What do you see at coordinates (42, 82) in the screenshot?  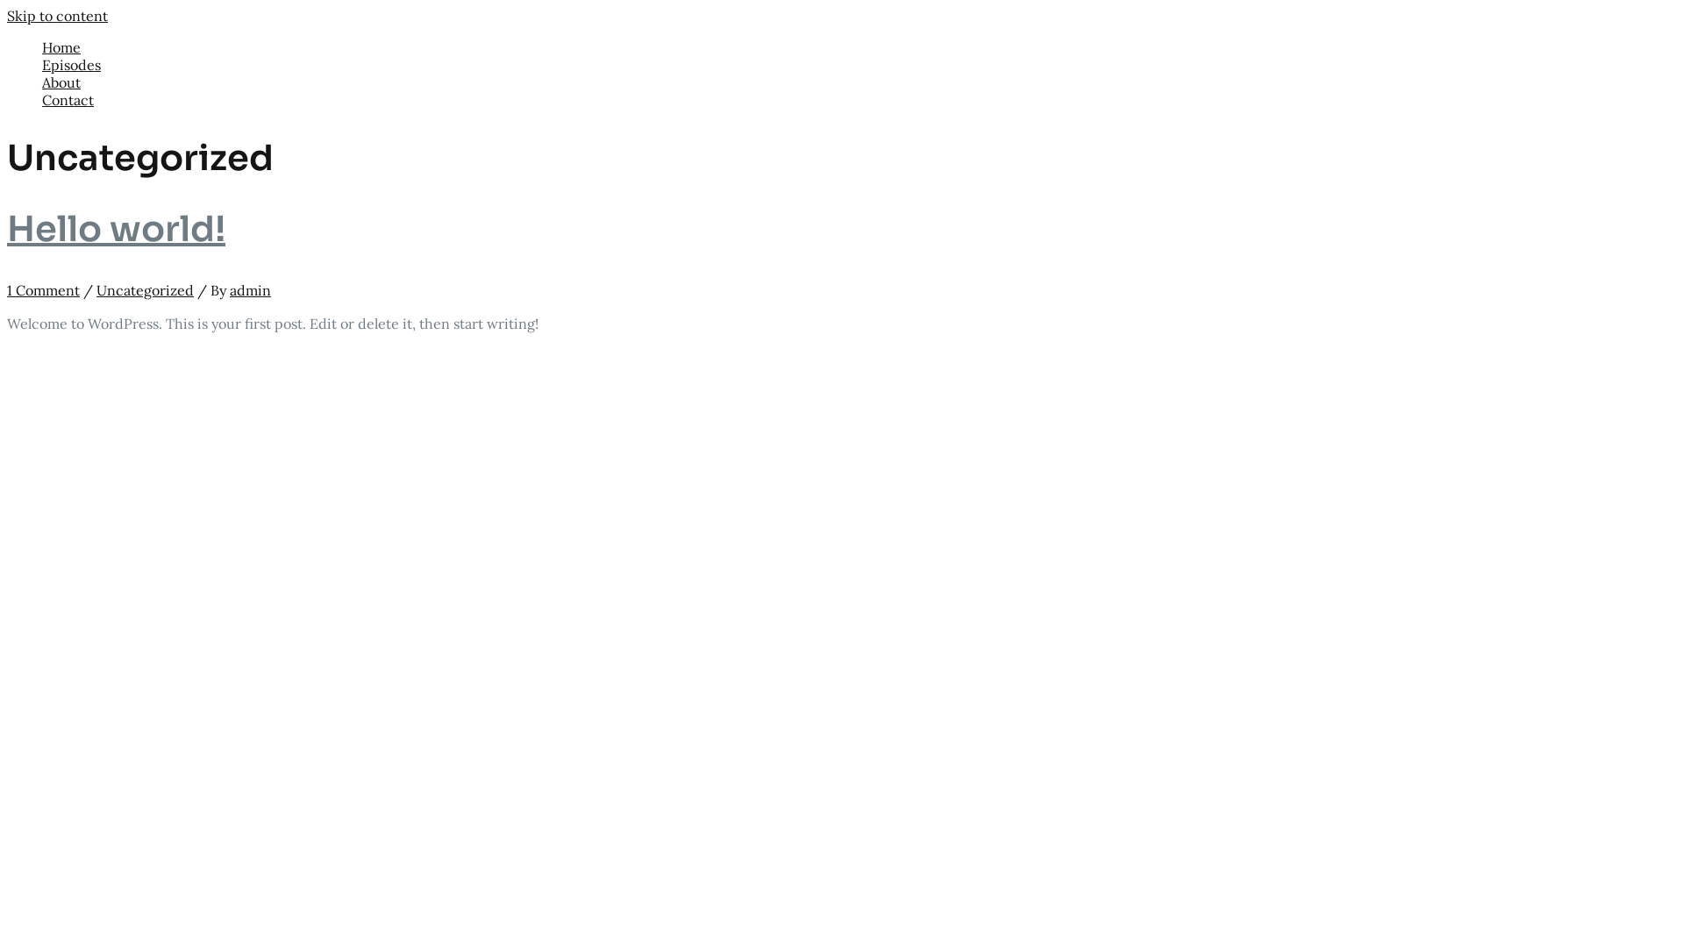 I see `'About'` at bounding box center [42, 82].